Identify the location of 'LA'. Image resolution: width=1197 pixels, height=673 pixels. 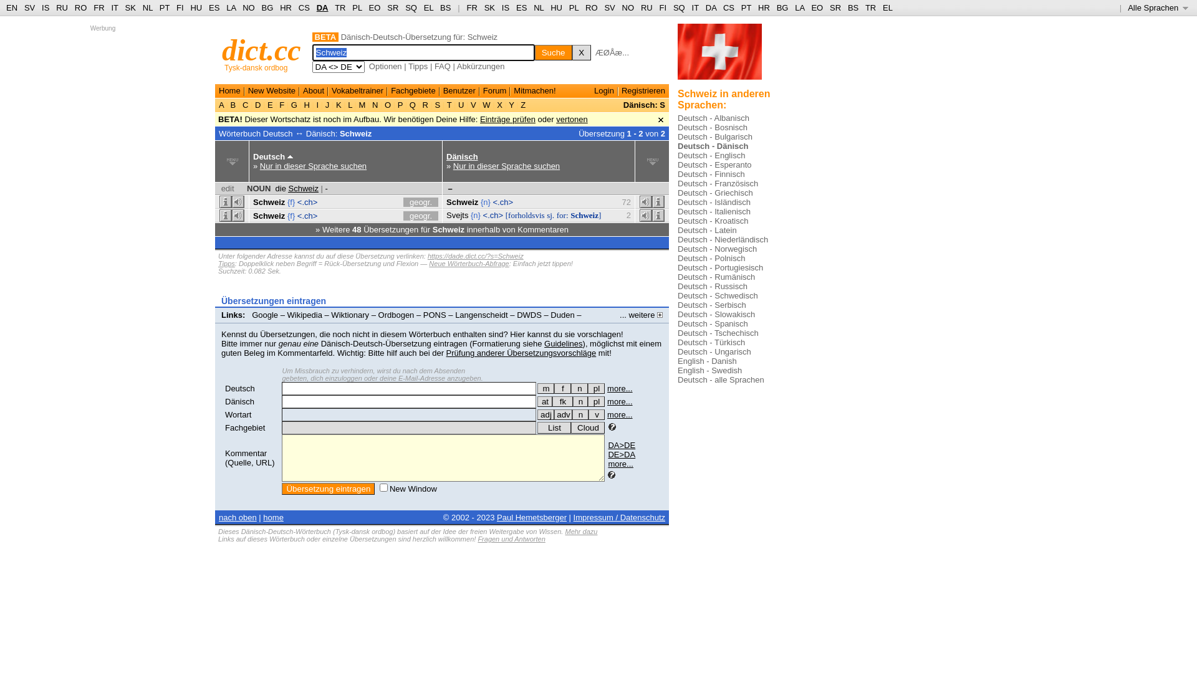
(231, 7).